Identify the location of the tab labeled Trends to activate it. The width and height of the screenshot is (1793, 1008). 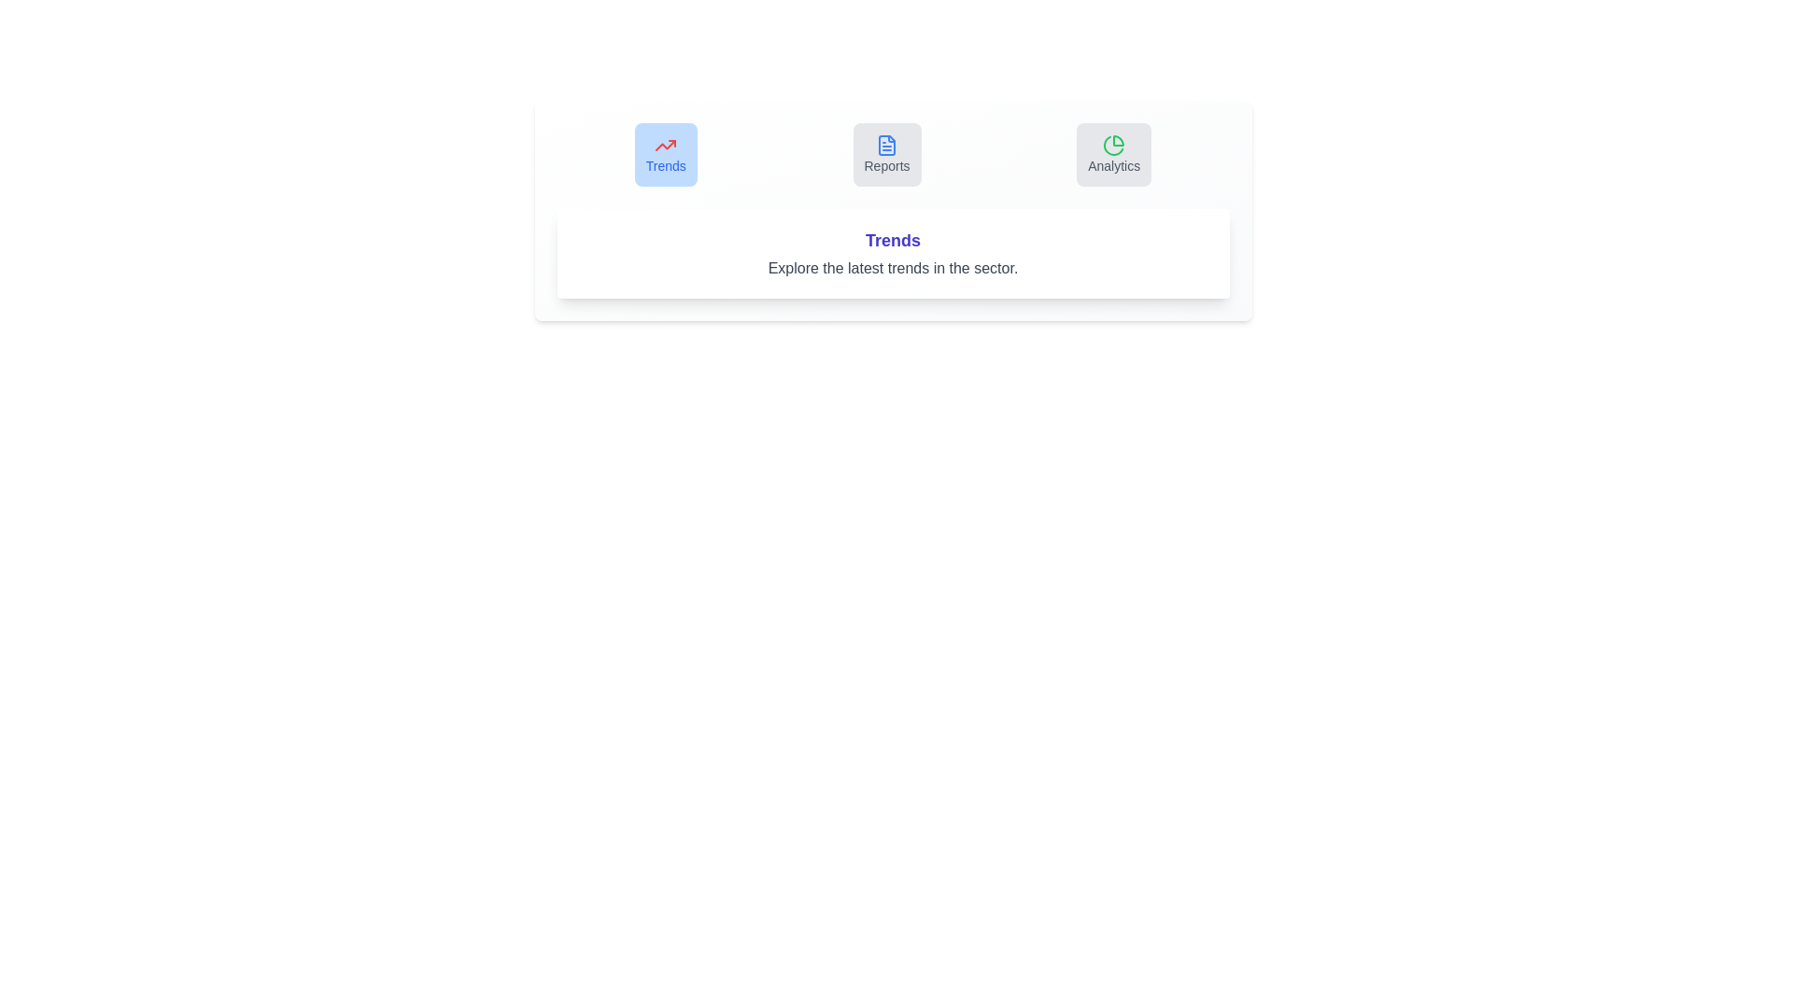
(666, 153).